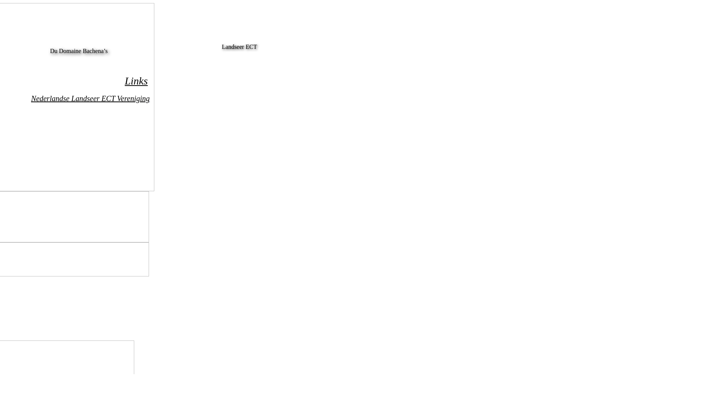 This screenshot has height=409, width=728. Describe the element at coordinates (90, 98) in the screenshot. I see `'Nederlandse Landseer ECT Vereniging'` at that location.